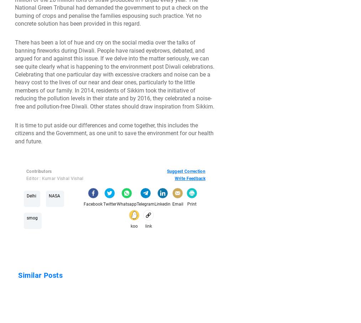 This screenshot has width=361, height=323. I want to click on 'Whatsapp', so click(126, 204).